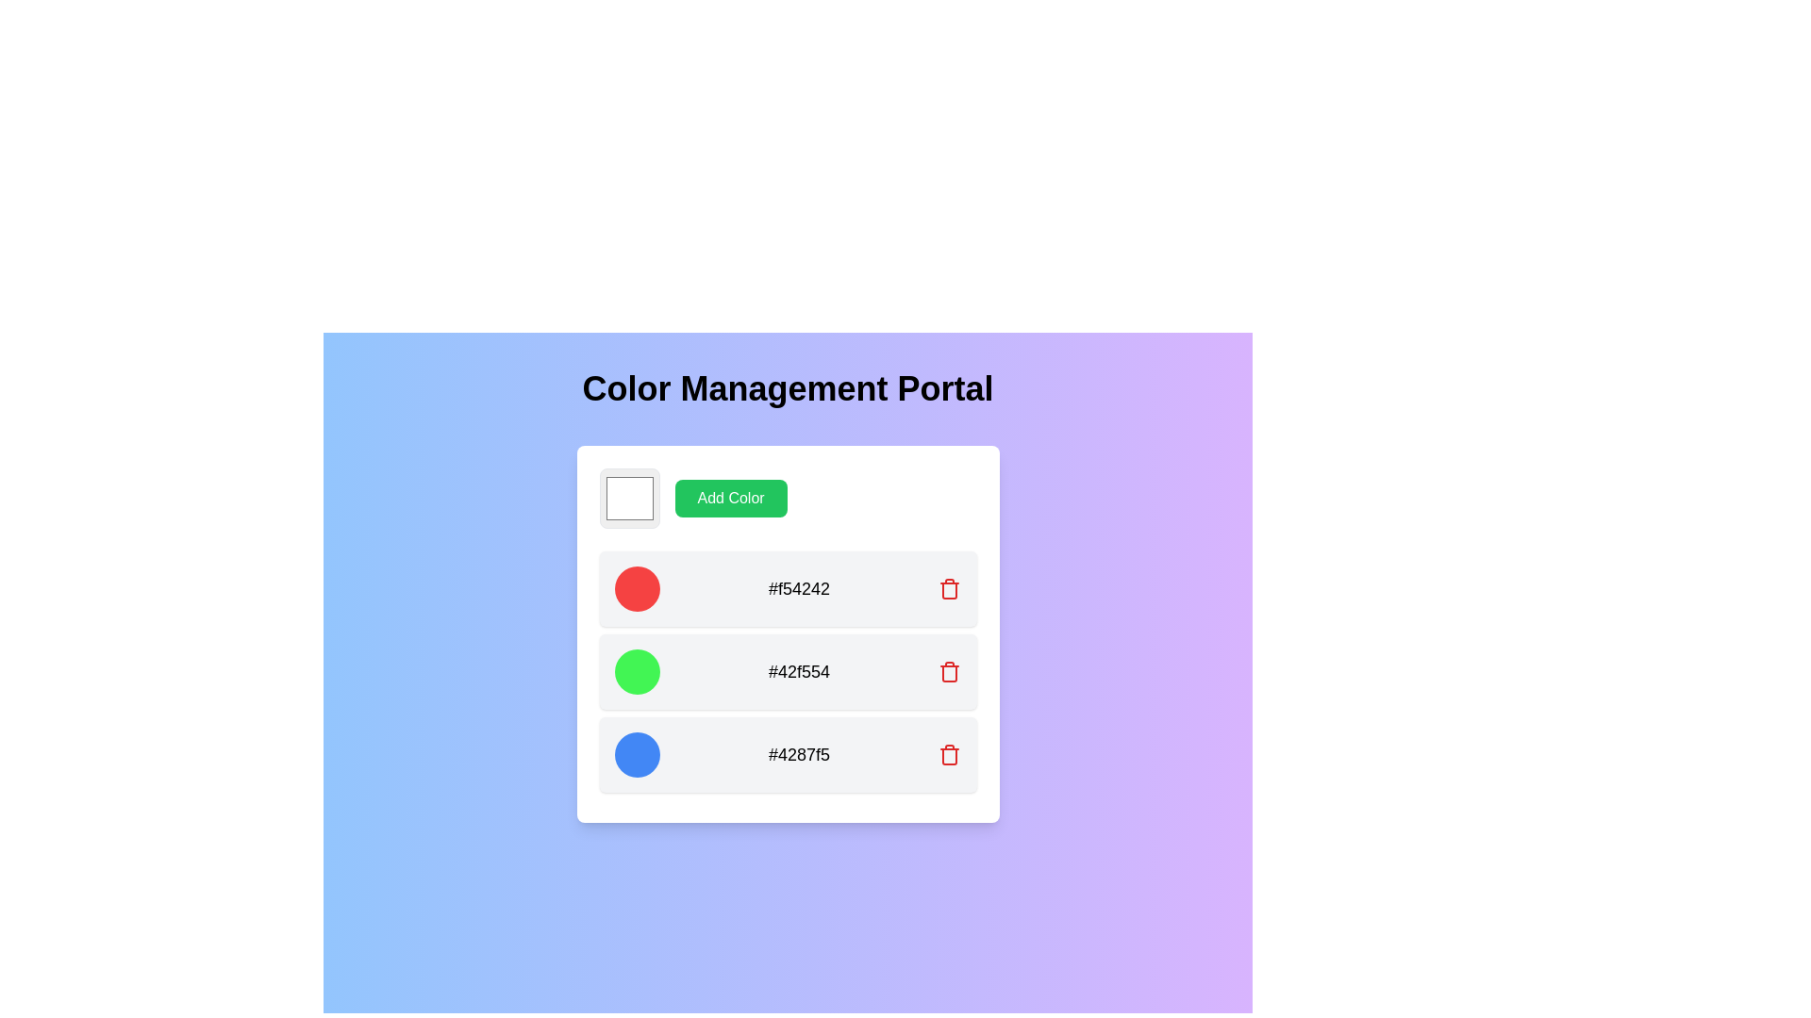 The width and height of the screenshot is (1811, 1018). Describe the element at coordinates (788, 671) in the screenshot. I see `the text displaying the hexadecimal value '#42f554' of the second color entry card in the vertical list of color entries to copy it` at that location.